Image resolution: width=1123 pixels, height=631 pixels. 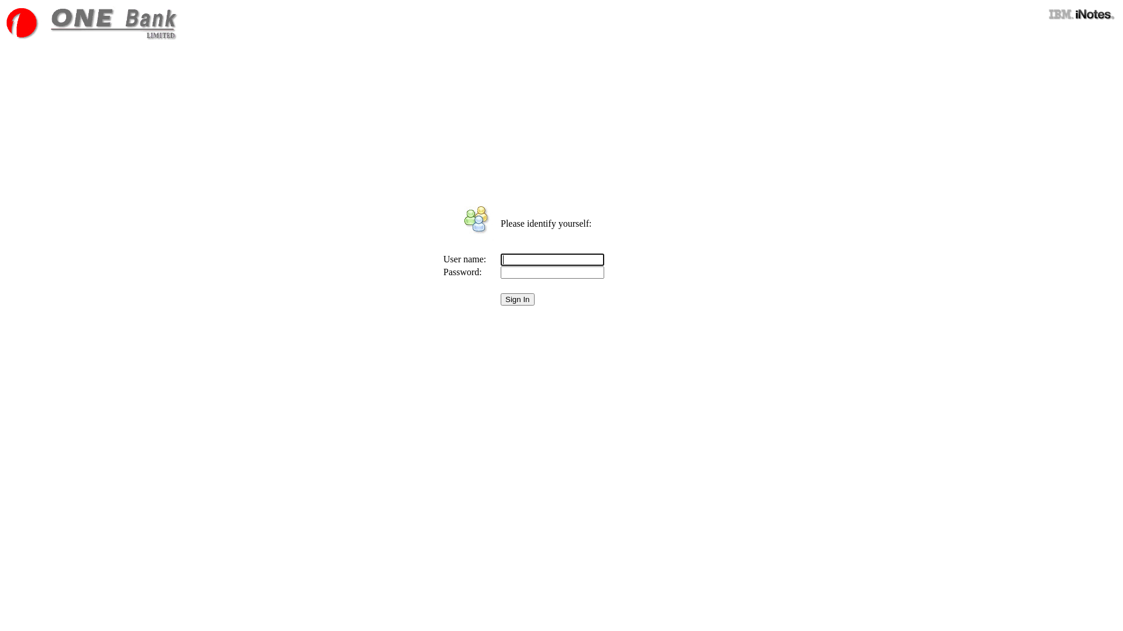 What do you see at coordinates (516, 299) in the screenshot?
I see `'Sign In'` at bounding box center [516, 299].